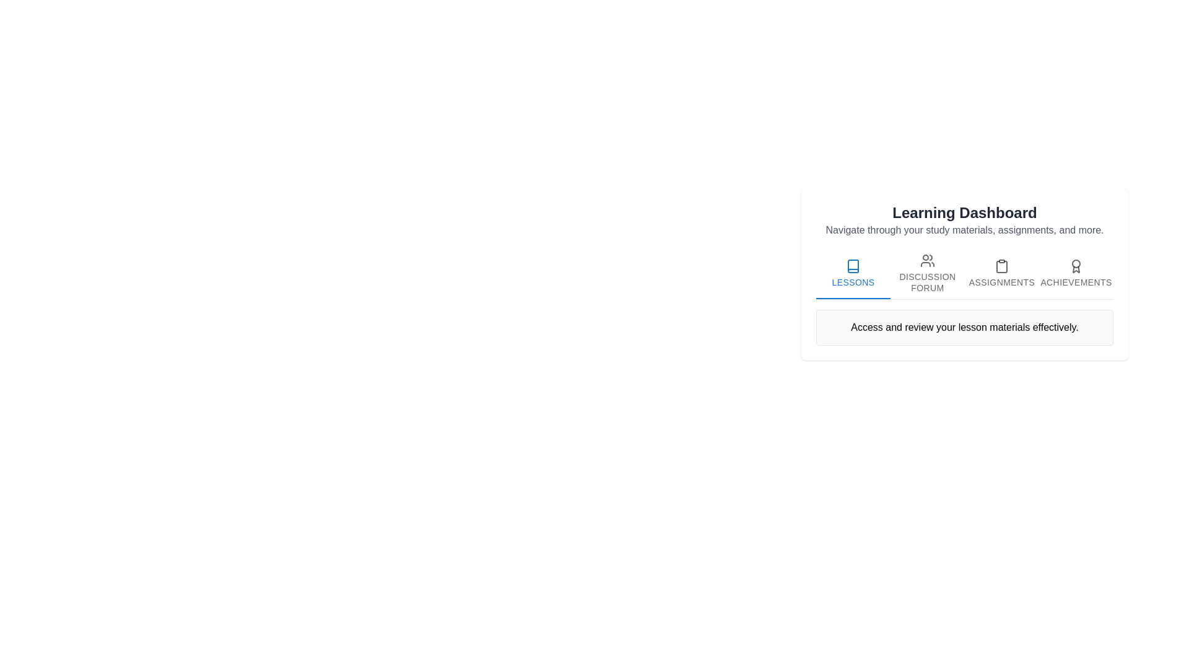  What do you see at coordinates (1001, 273) in the screenshot?
I see `the button labeled as the third navigation tab, which leads to the Assignments section of the application` at bounding box center [1001, 273].